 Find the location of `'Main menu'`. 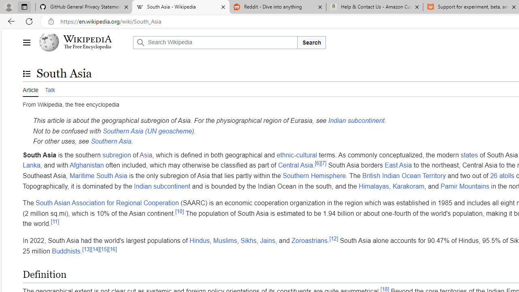

'Main menu' is located at coordinates (26, 43).